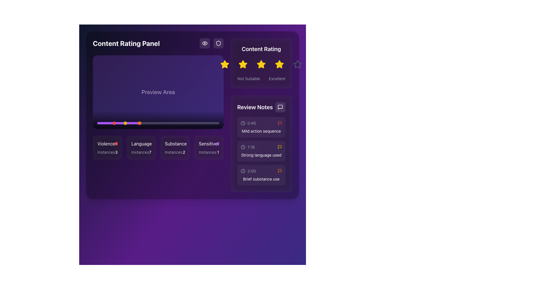 This screenshot has width=547, height=308. I want to click on the third star icon in the row of five star icons to rate it, so click(261, 64).